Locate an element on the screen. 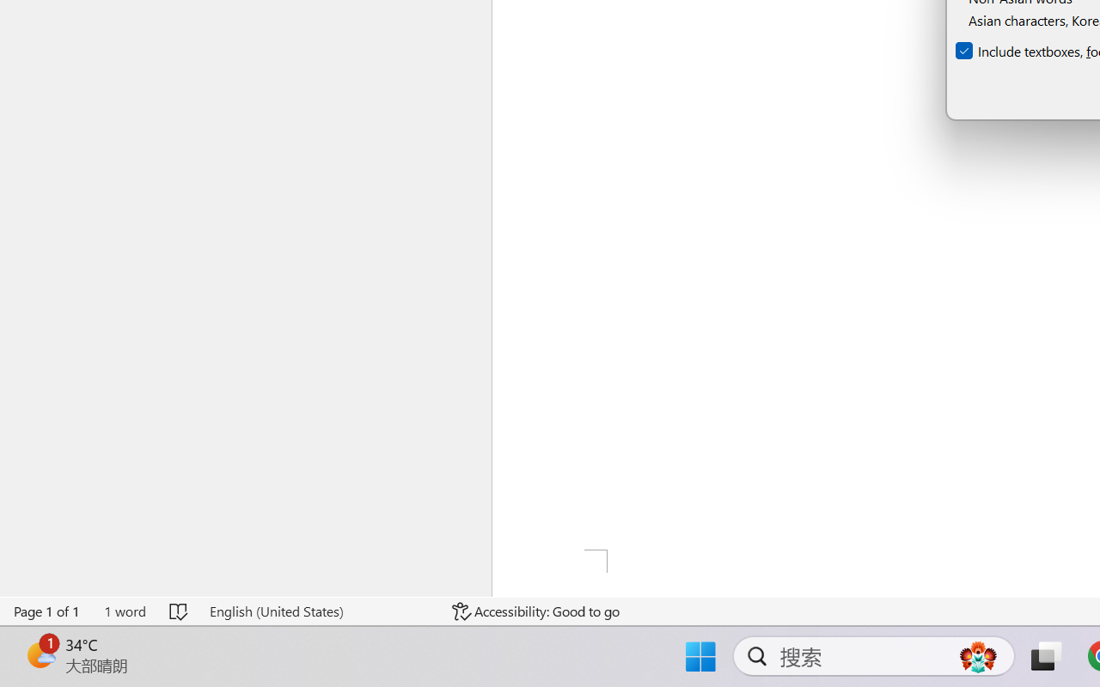 This screenshot has height=687, width=1100. 'Accessibility Checker Accessibility: Good to go' is located at coordinates (535, 611).